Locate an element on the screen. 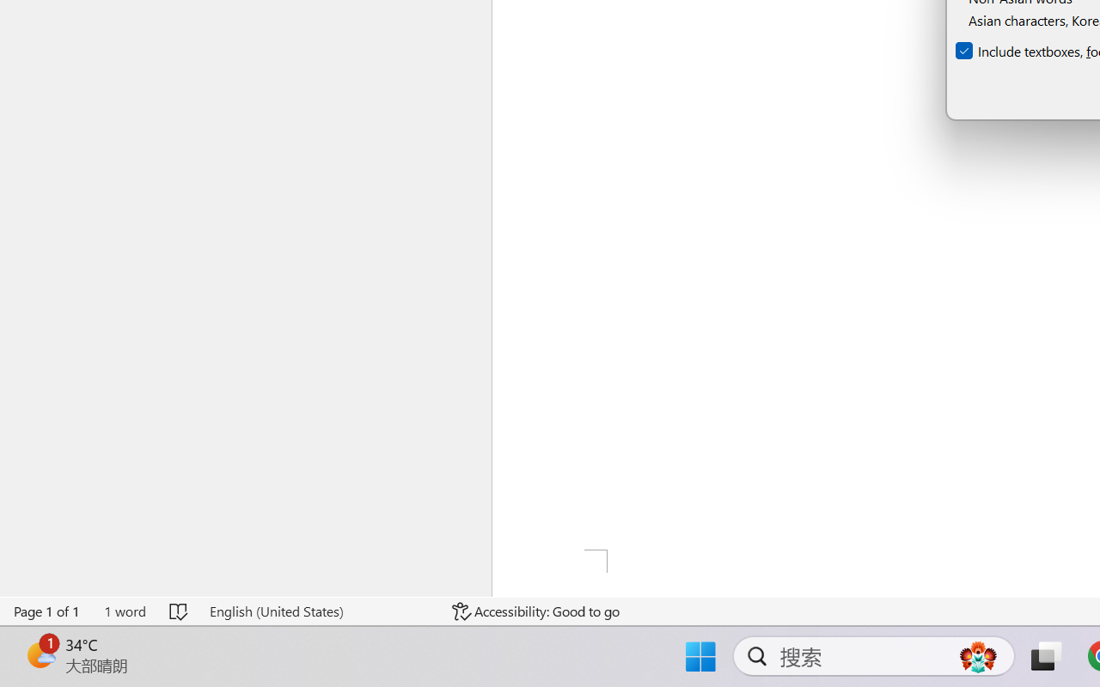 This screenshot has height=687, width=1100. 'Accessibility Checker Accessibility: Good to go' is located at coordinates (535, 611).